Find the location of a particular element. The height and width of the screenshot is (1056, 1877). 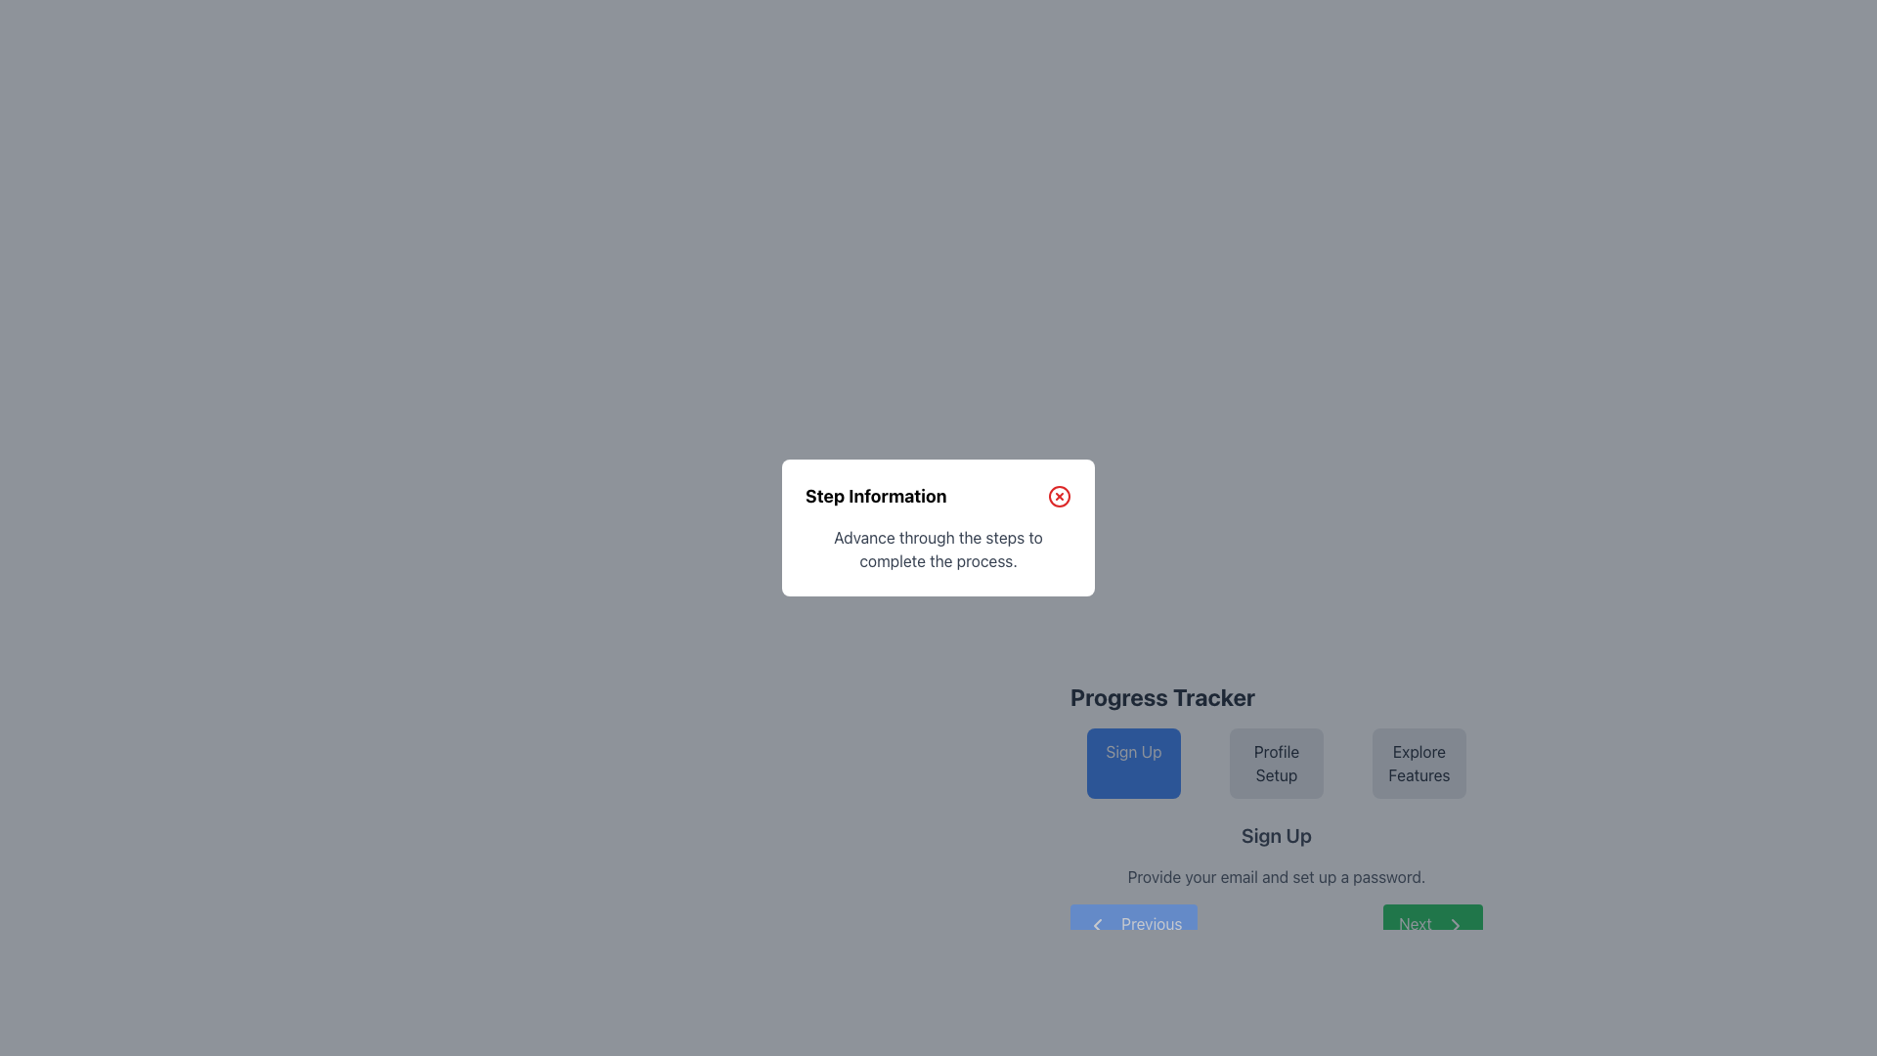

the 'Sign Up' text label, which is styled in a large font, semi-bold, and colored gray, located in the 'Progress Tracker' section, above the text 'Provide your email and set up a password.' is located at coordinates (1276, 836).